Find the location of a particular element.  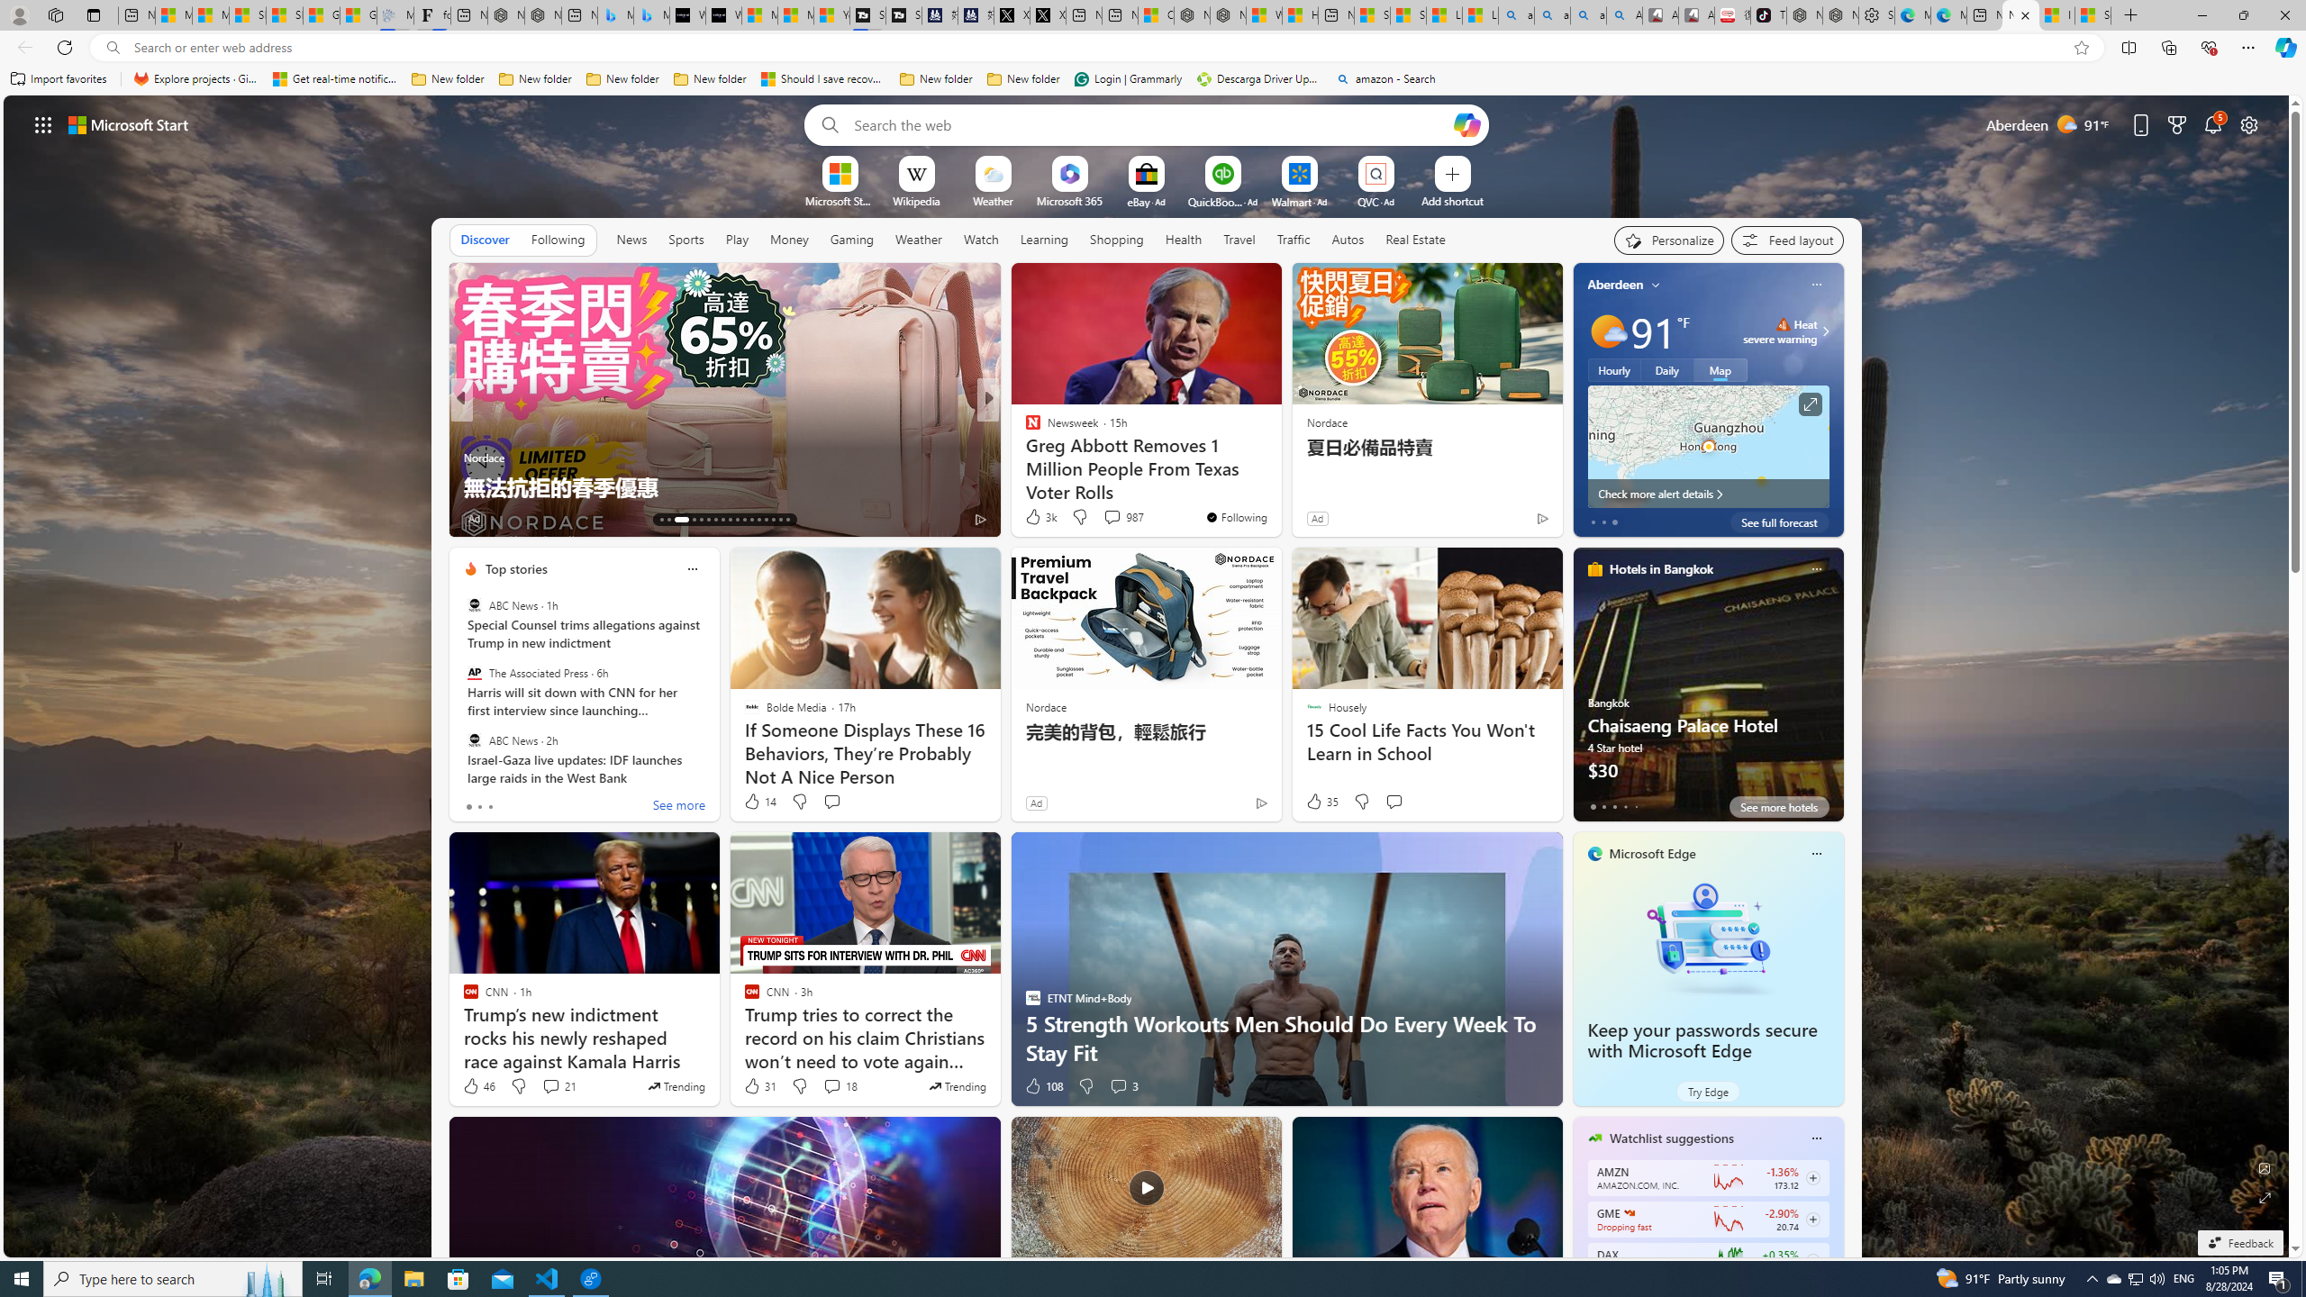

'AutomationID: tab-20' is located at coordinates (722, 520).